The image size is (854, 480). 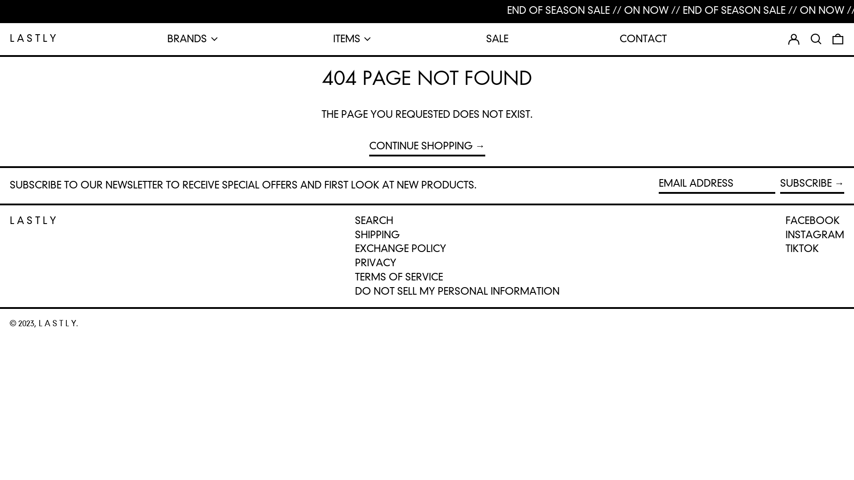 I want to click on 'TERMS OF SERVICE', so click(x=399, y=276).